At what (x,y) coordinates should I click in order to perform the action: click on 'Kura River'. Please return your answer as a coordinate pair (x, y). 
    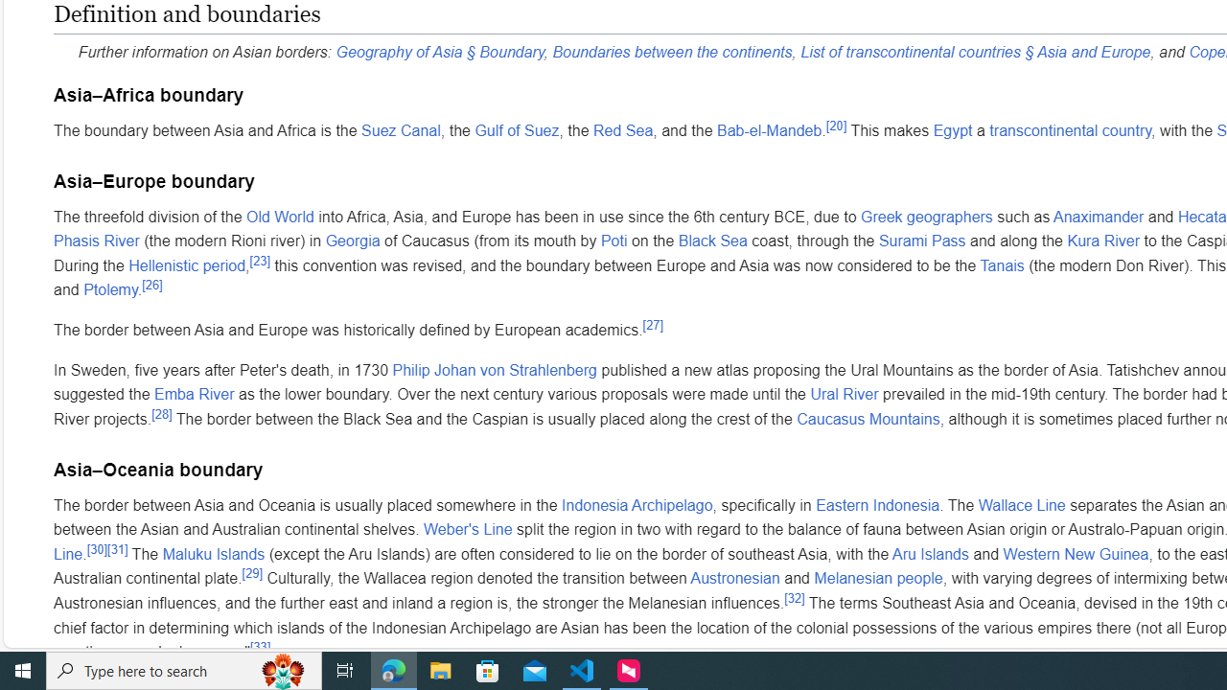
    Looking at the image, I should click on (1104, 240).